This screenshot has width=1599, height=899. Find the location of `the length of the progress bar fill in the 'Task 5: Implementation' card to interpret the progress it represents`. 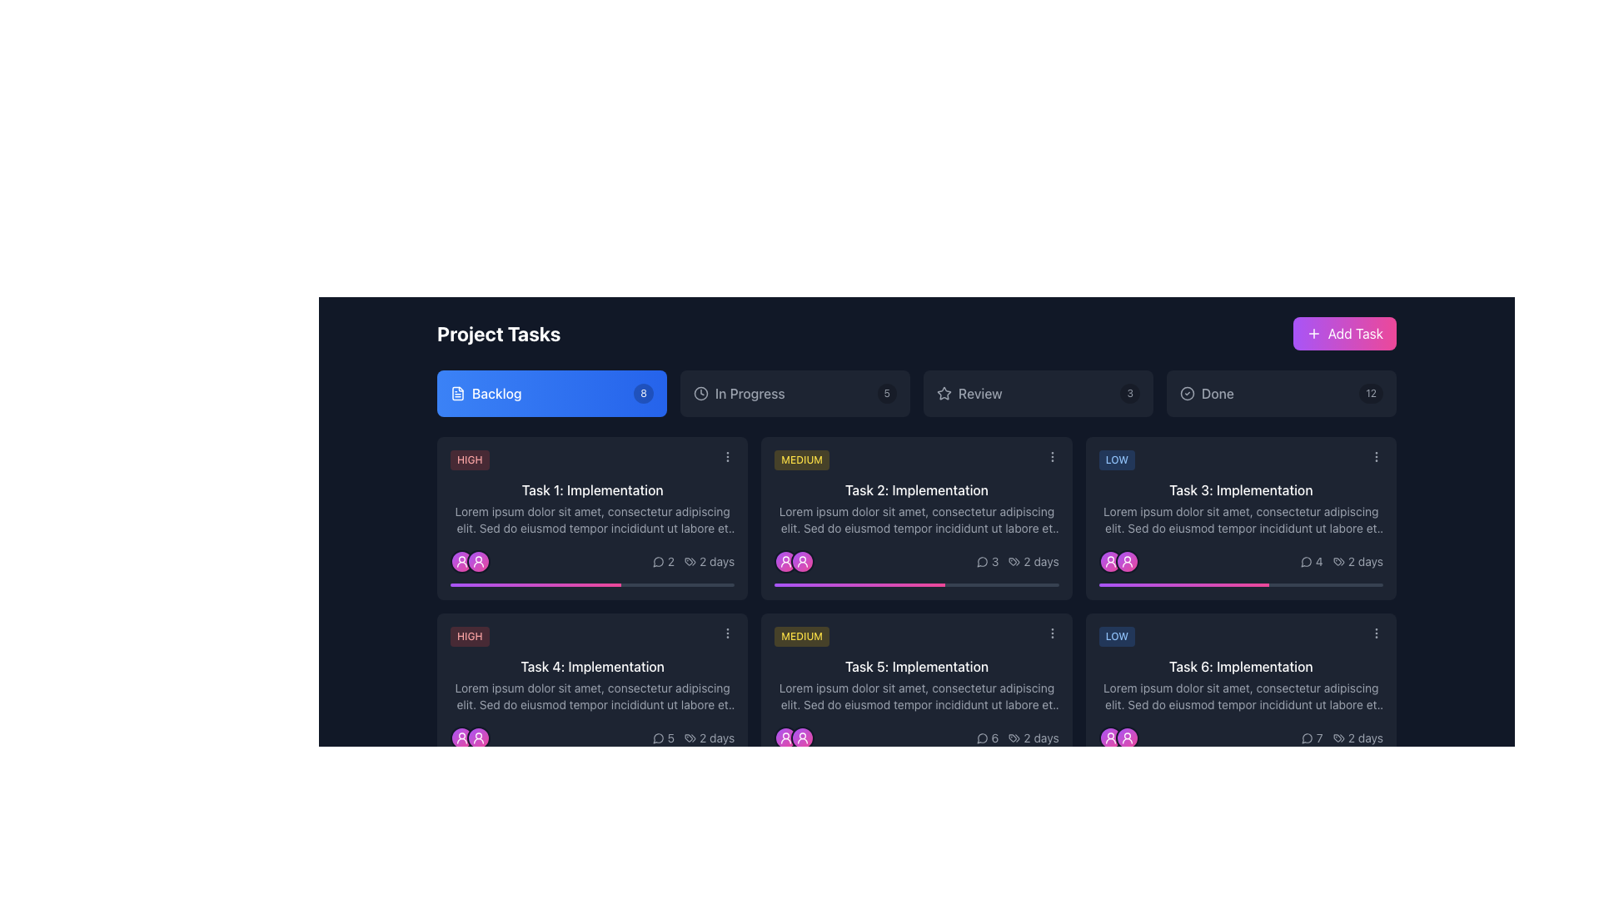

the length of the progress bar fill in the 'Task 5: Implementation' card to interpret the progress it represents is located at coordinates (859, 761).